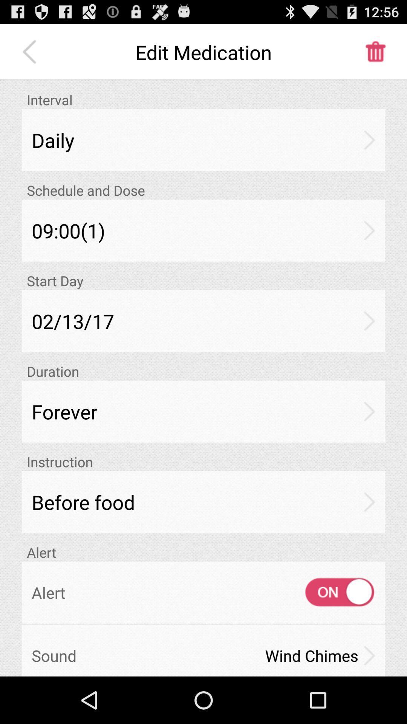 The width and height of the screenshot is (407, 724). What do you see at coordinates (203, 411) in the screenshot?
I see `forever` at bounding box center [203, 411].